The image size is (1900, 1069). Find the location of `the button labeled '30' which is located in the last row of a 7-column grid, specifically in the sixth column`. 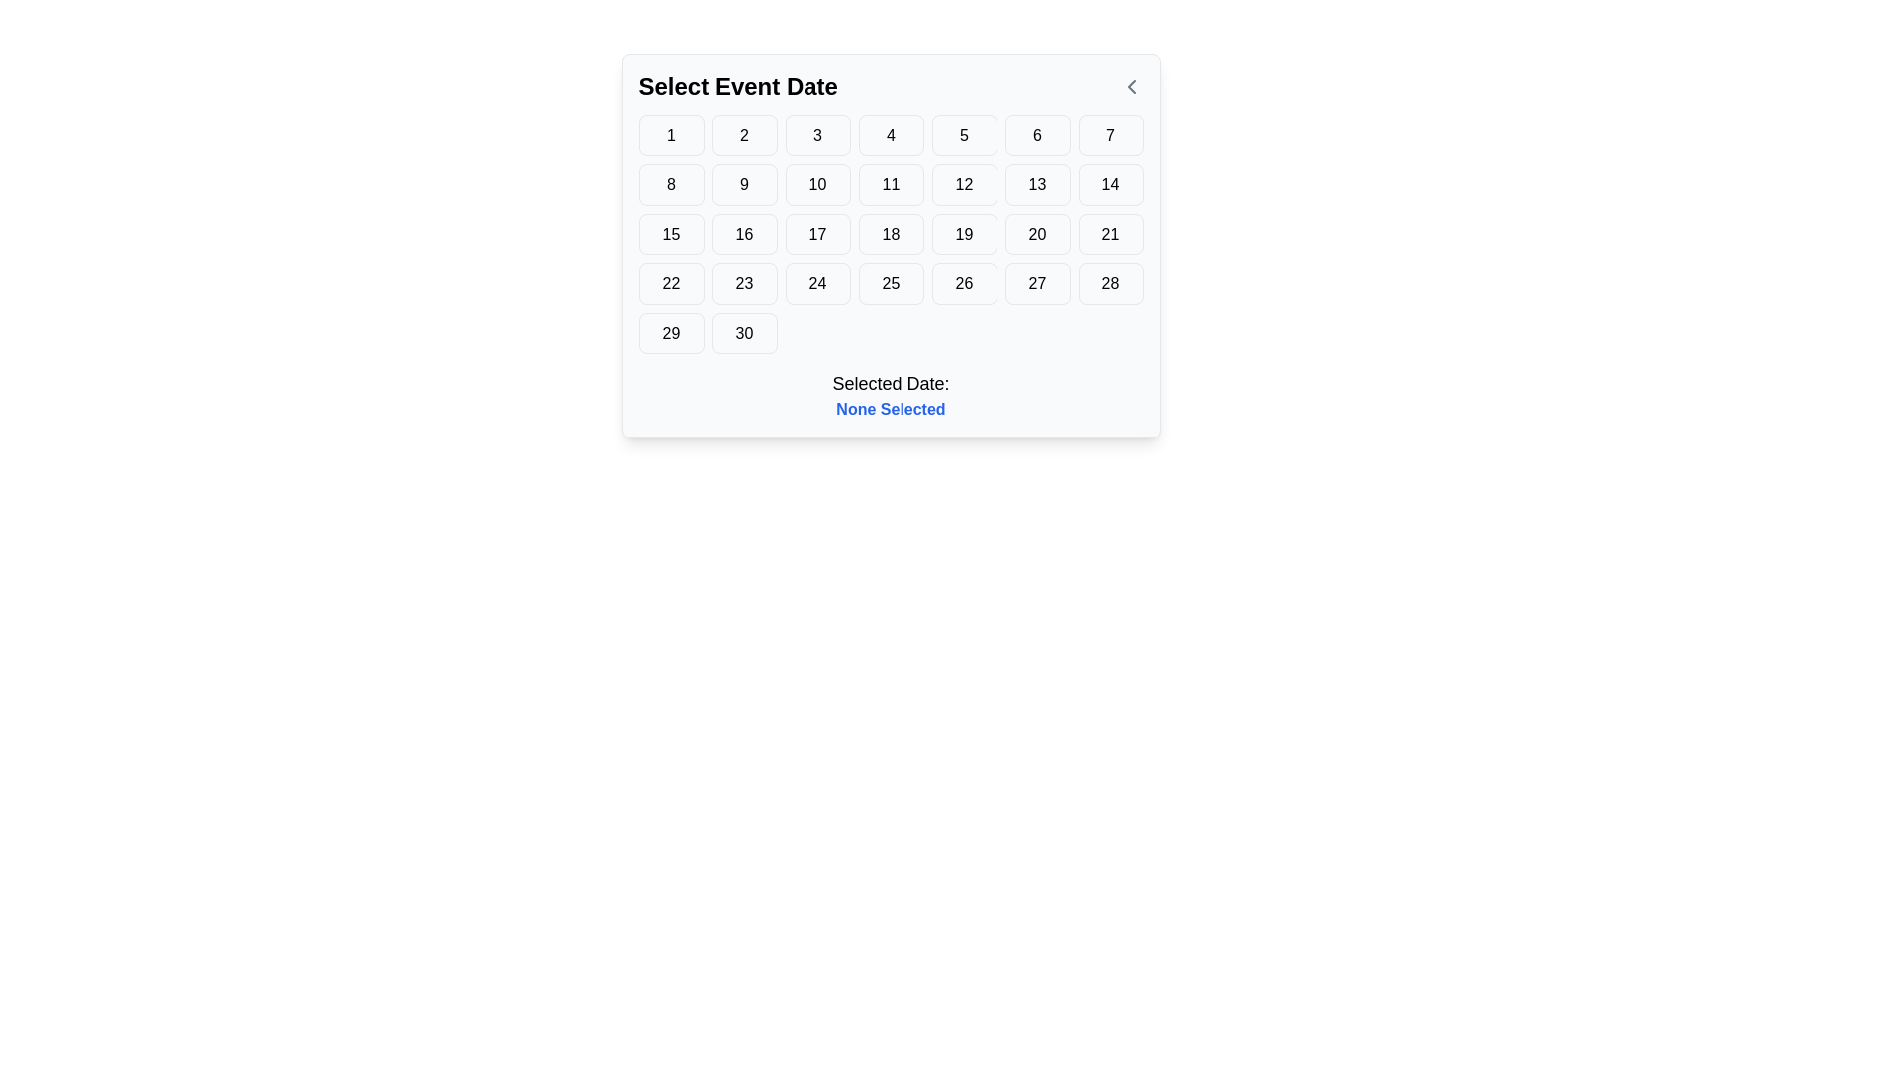

the button labeled '30' which is located in the last row of a 7-column grid, specifically in the sixth column is located at coordinates (743, 332).